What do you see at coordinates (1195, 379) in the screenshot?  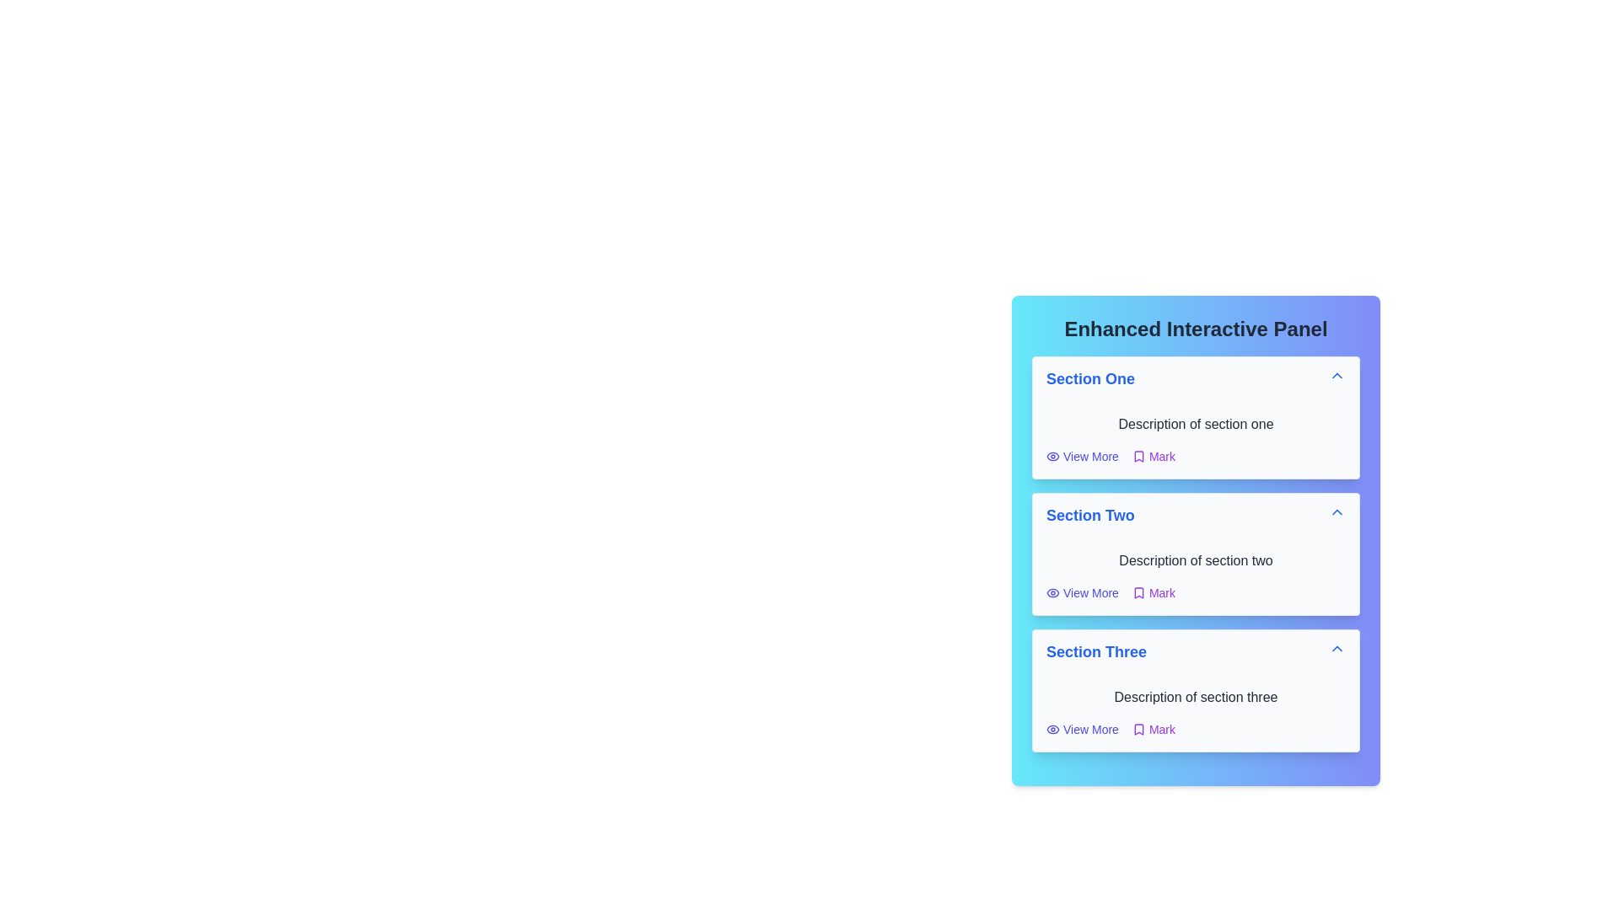 I see `the header button of the first section card` at bounding box center [1195, 379].